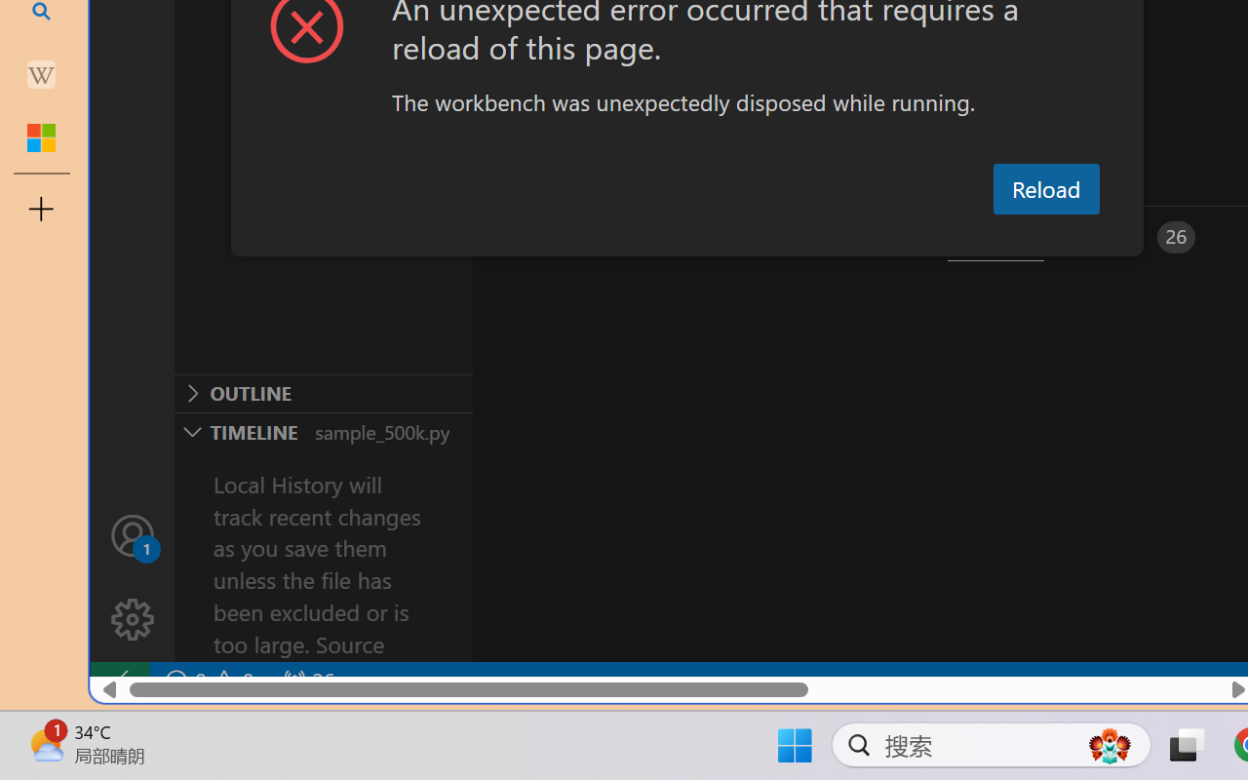  Describe the element at coordinates (323, 430) in the screenshot. I see `'Timeline Section'` at that location.